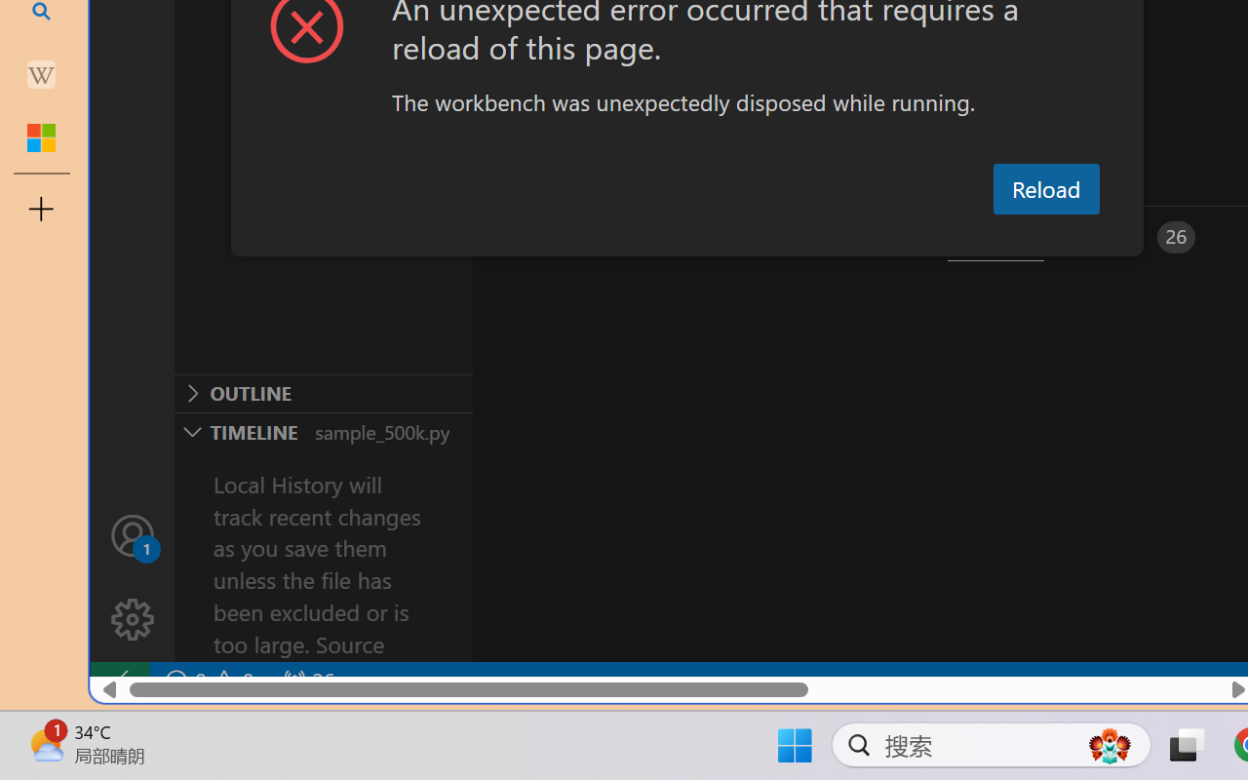  Describe the element at coordinates (323, 430) in the screenshot. I see `'Timeline Section'` at that location.